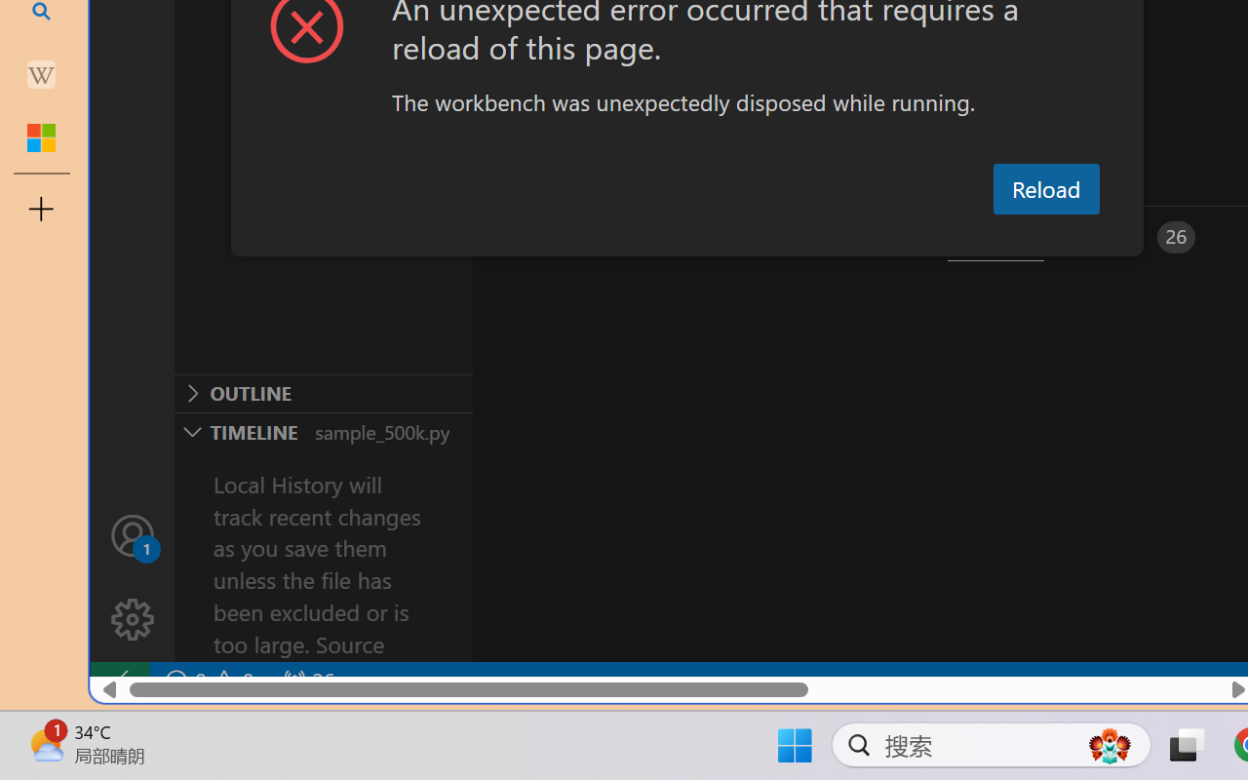  Describe the element at coordinates (323, 430) in the screenshot. I see `'Timeline Section'` at that location.